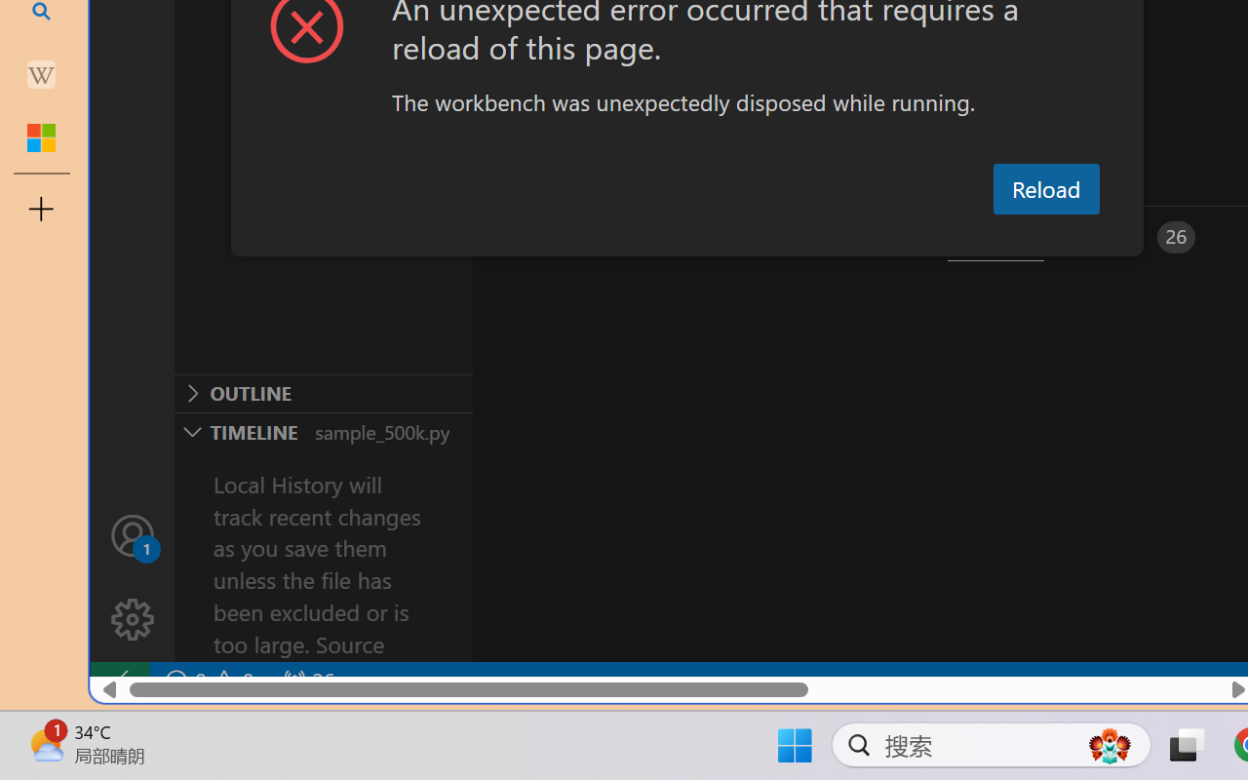  Describe the element at coordinates (323, 430) in the screenshot. I see `'Timeline Section'` at that location.